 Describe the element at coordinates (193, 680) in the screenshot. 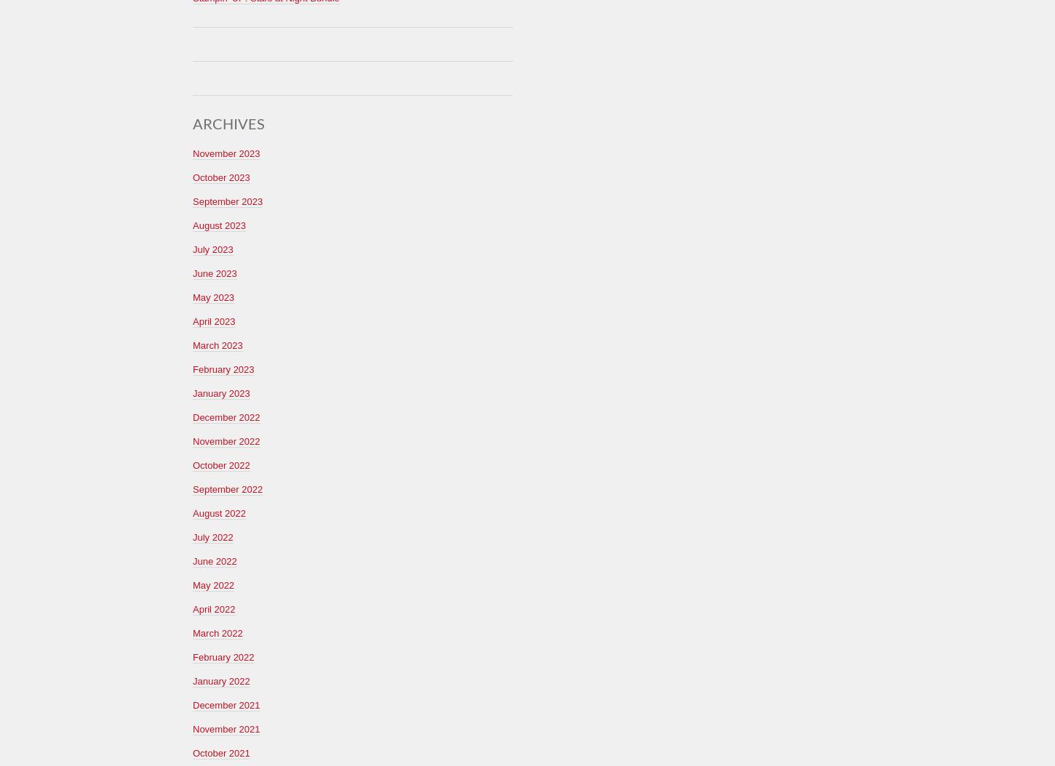

I see `'January 2022'` at that location.